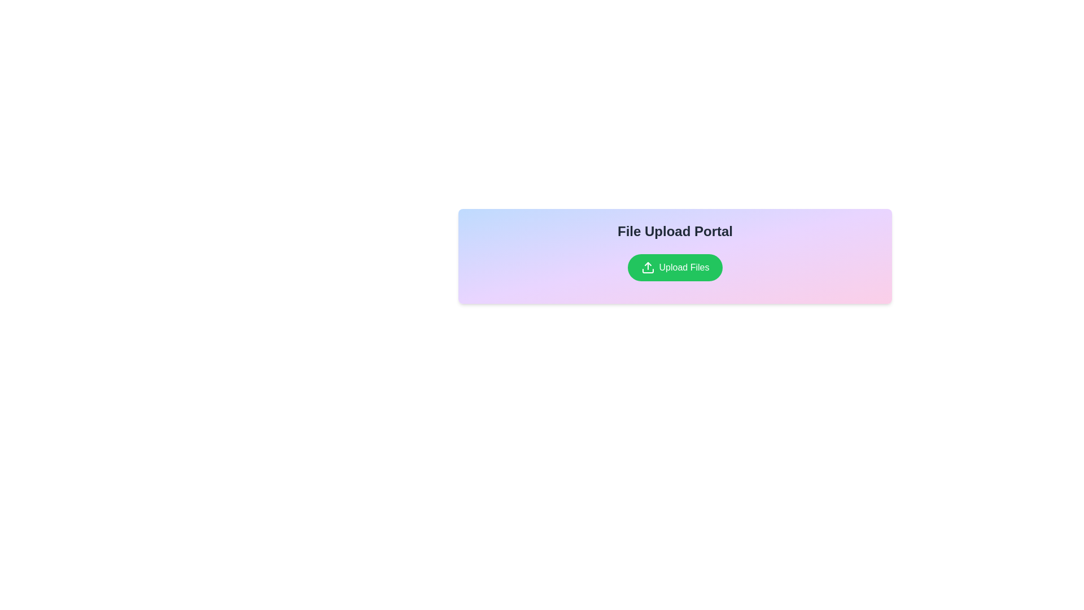 Image resolution: width=1084 pixels, height=610 pixels. What do you see at coordinates (675, 268) in the screenshot?
I see `the primary action button for file uploads, located below the 'File Upload Portal' section, to observe its hover effects` at bounding box center [675, 268].